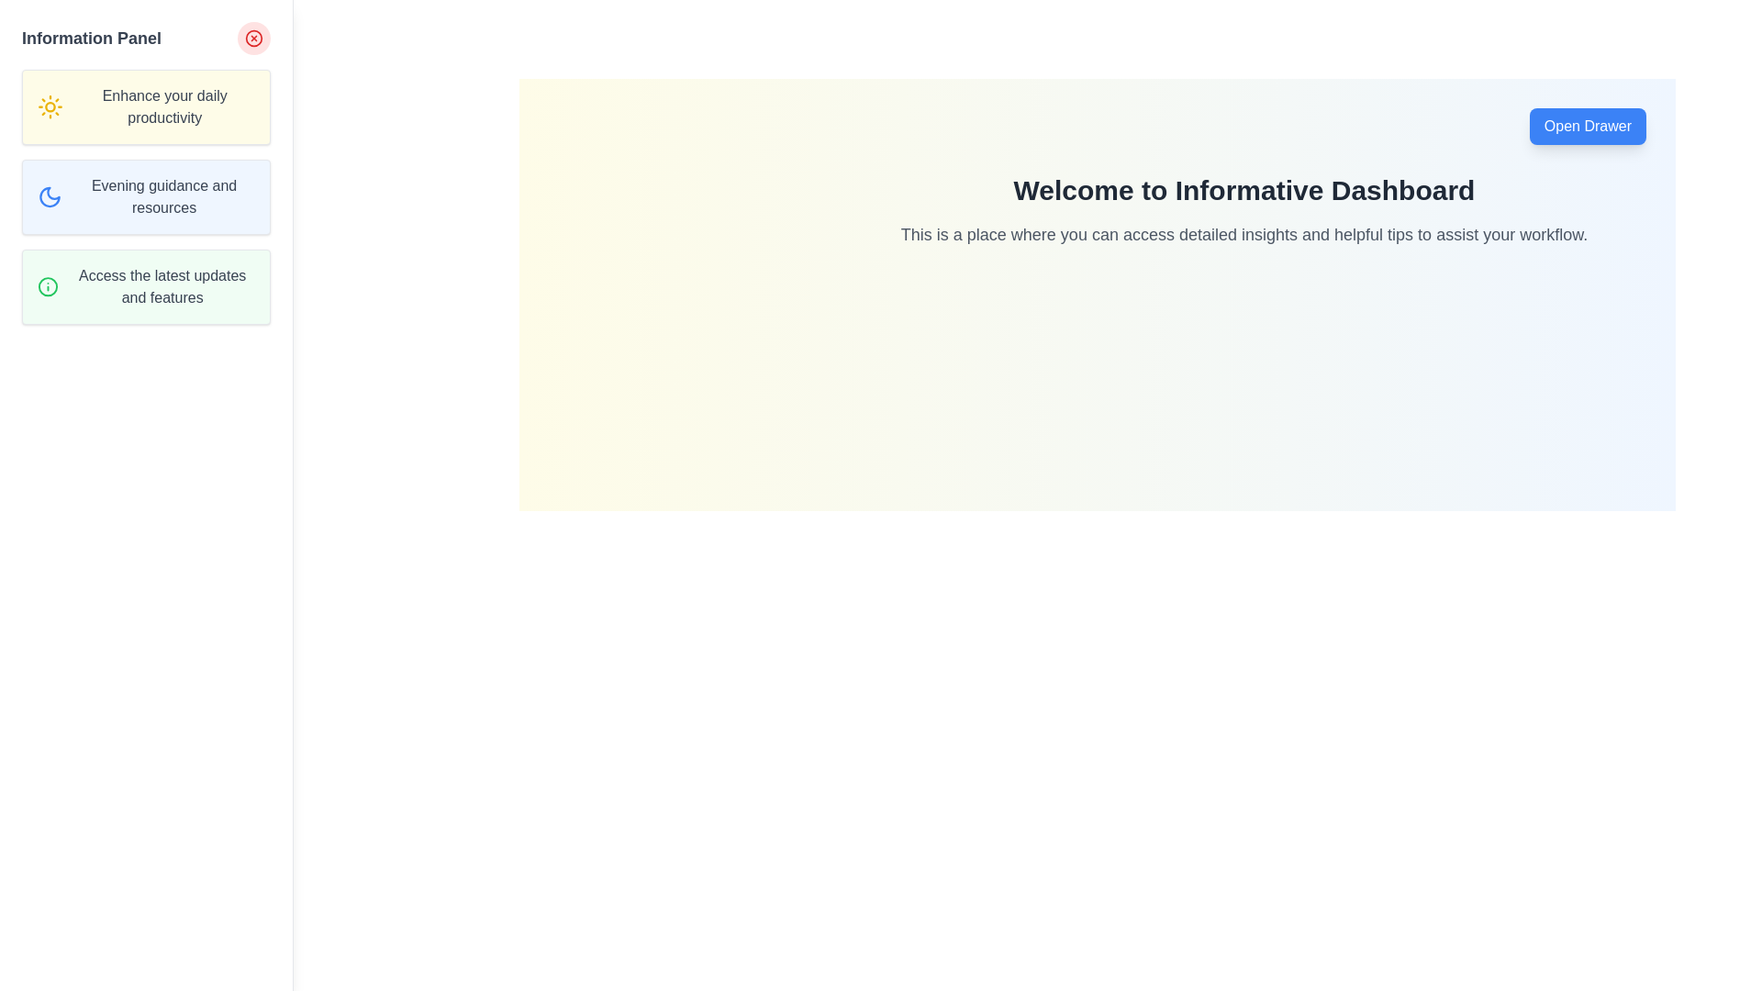  What do you see at coordinates (253, 39) in the screenshot?
I see `the circular button with a light red background and red border, containing an 'X' icon, located in the top-right corner of the 'Information Panel' section` at bounding box center [253, 39].